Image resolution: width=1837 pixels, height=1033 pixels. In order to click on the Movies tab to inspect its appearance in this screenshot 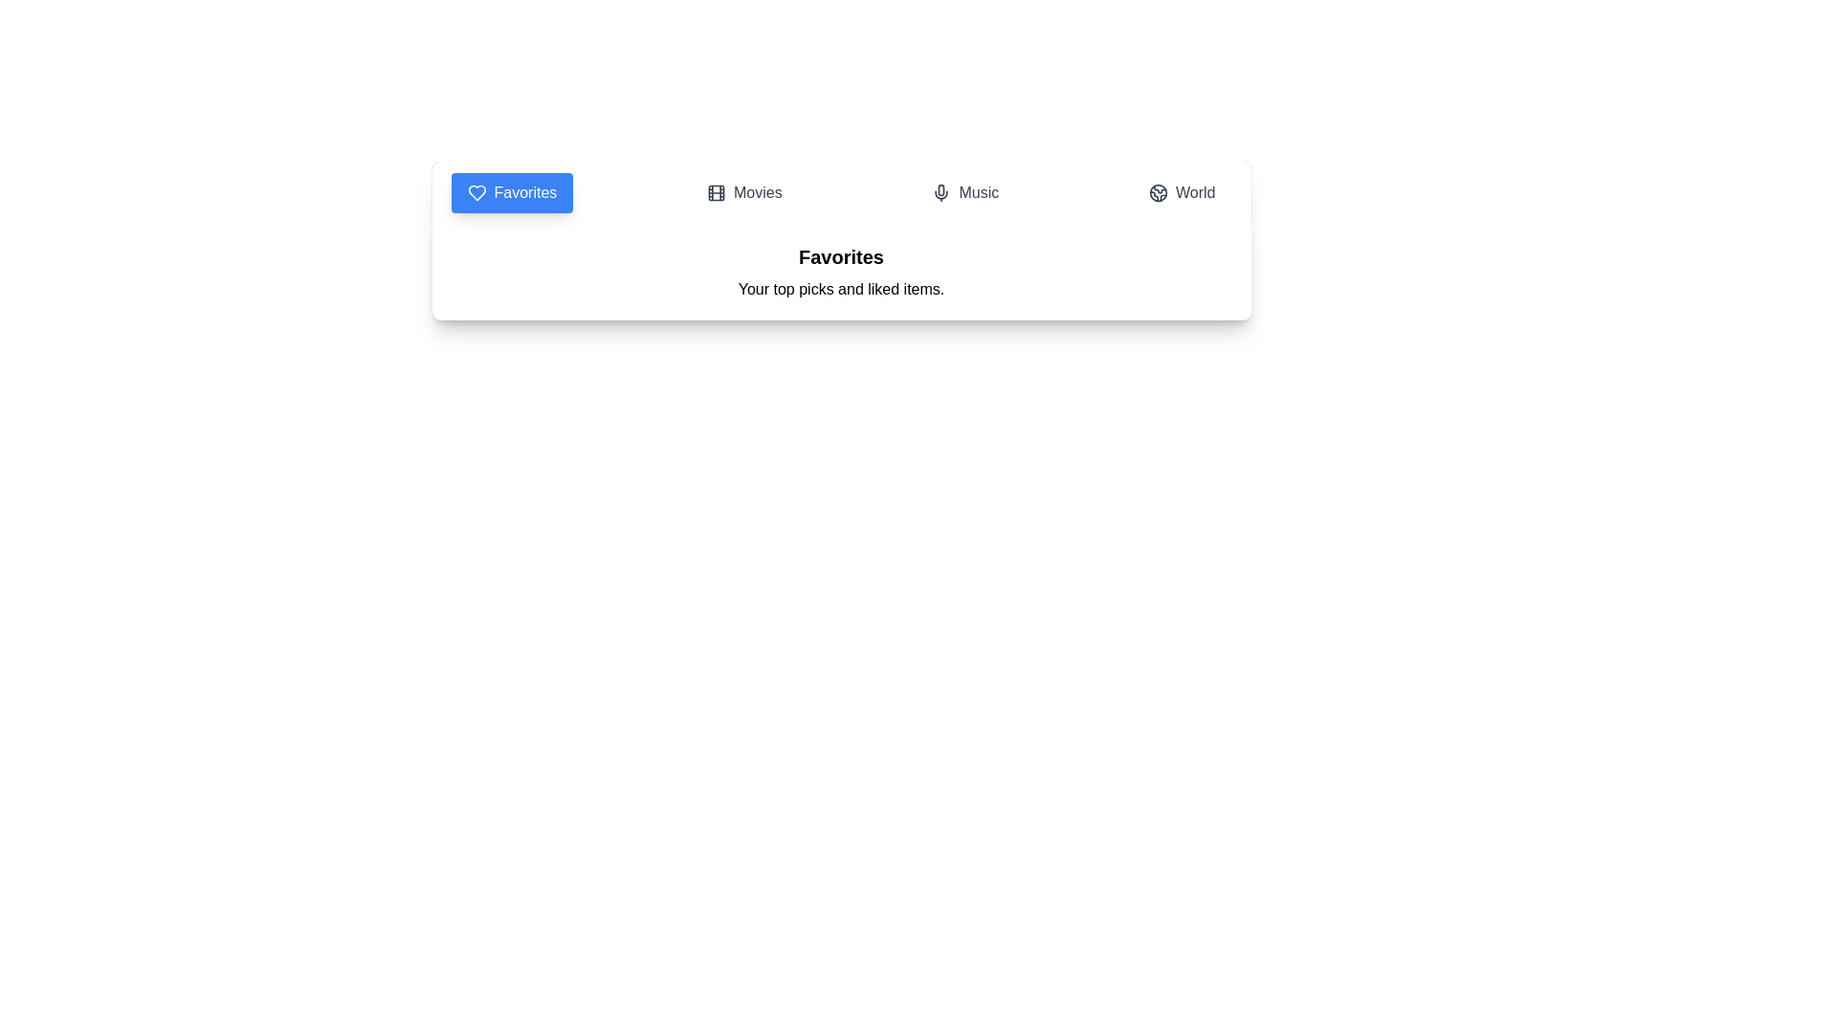, I will do `click(742, 192)`.